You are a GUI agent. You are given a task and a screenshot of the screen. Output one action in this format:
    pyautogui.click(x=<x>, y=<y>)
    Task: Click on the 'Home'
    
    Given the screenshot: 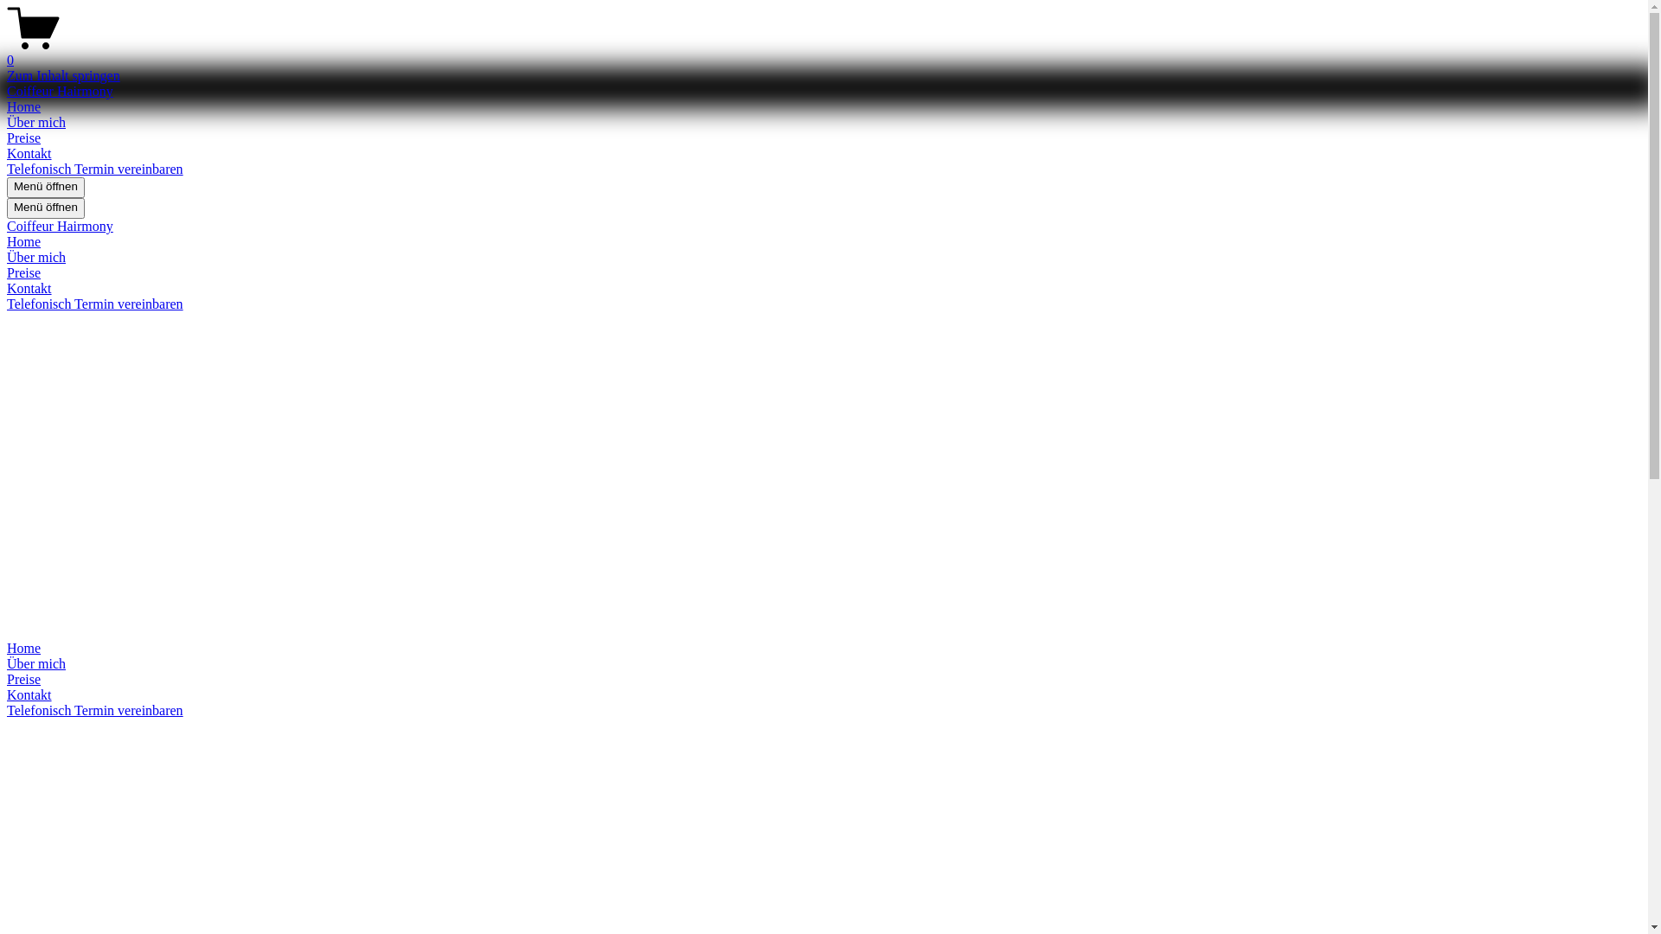 What is the action you would take?
    pyautogui.click(x=23, y=241)
    